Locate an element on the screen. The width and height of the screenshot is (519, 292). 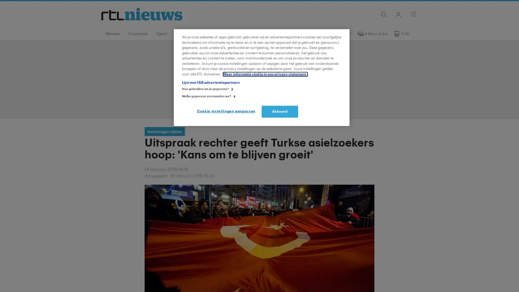
Lijst met IAB advertentiepartners is located at coordinates (210, 82).